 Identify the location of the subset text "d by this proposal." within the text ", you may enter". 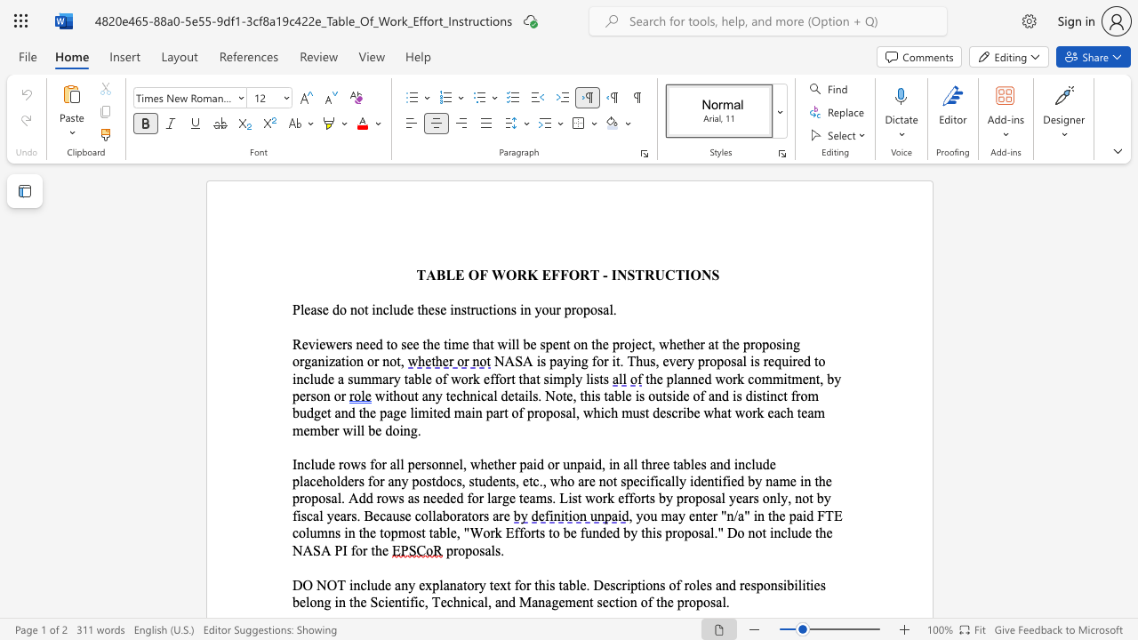
(613, 532).